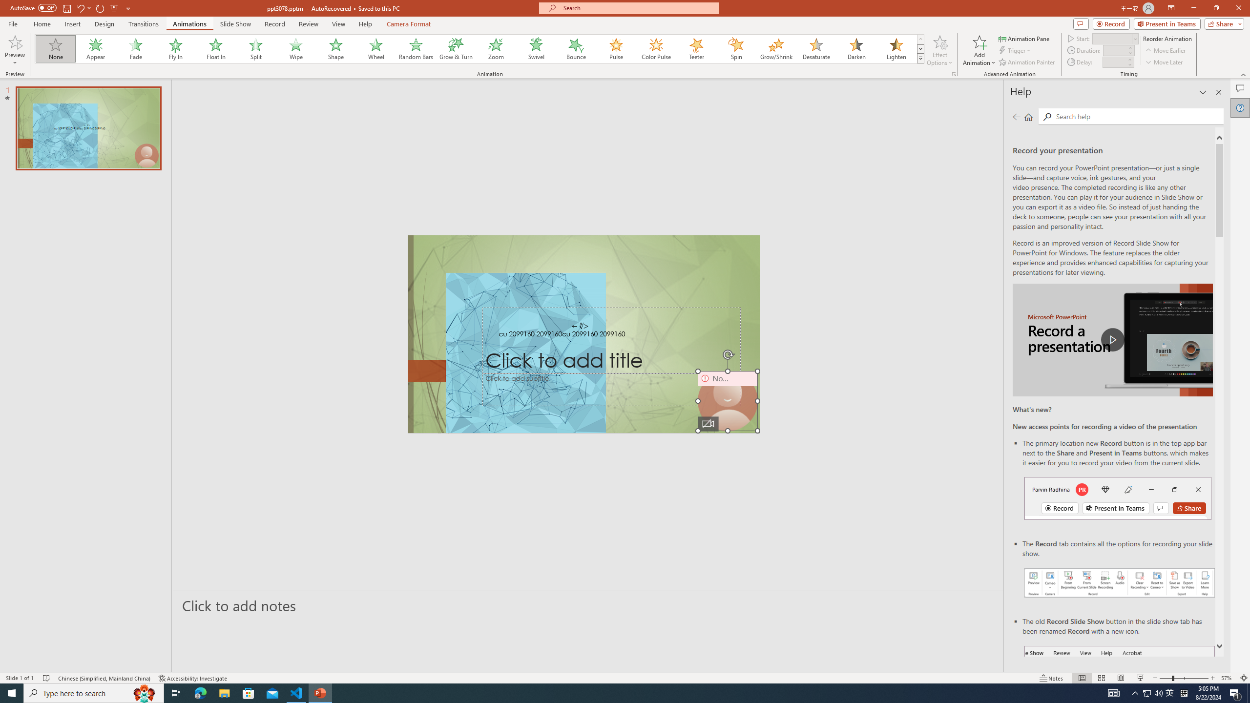  What do you see at coordinates (408, 24) in the screenshot?
I see `'Camera Format'` at bounding box center [408, 24].